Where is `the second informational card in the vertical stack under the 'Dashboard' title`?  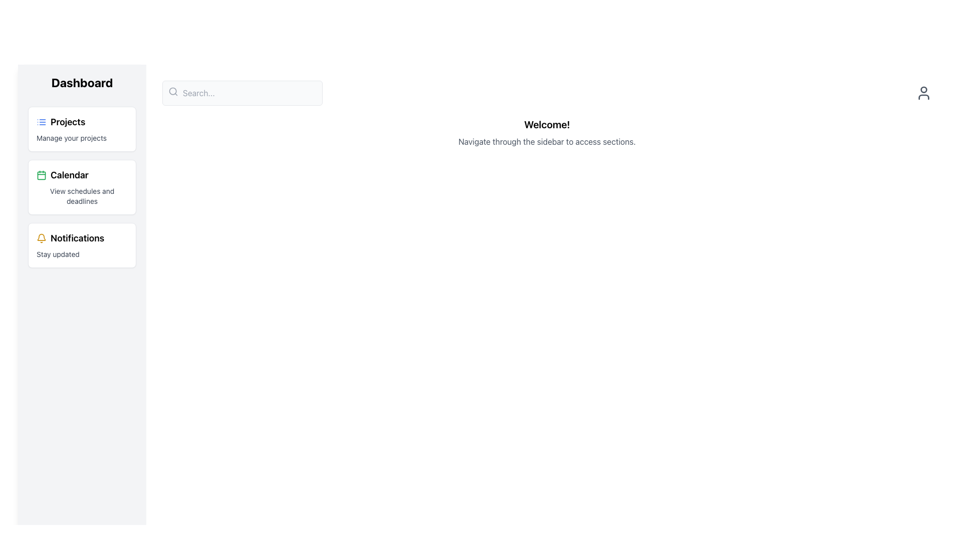 the second informational card in the vertical stack under the 'Dashboard' title is located at coordinates (82, 187).